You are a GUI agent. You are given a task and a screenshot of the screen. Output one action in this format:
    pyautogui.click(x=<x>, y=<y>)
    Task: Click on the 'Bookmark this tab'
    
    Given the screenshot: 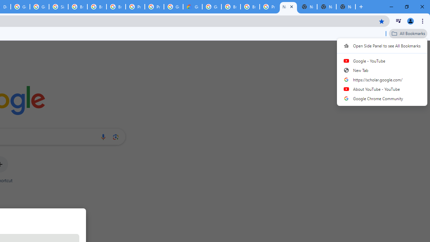 What is the action you would take?
    pyautogui.click(x=382, y=21)
    